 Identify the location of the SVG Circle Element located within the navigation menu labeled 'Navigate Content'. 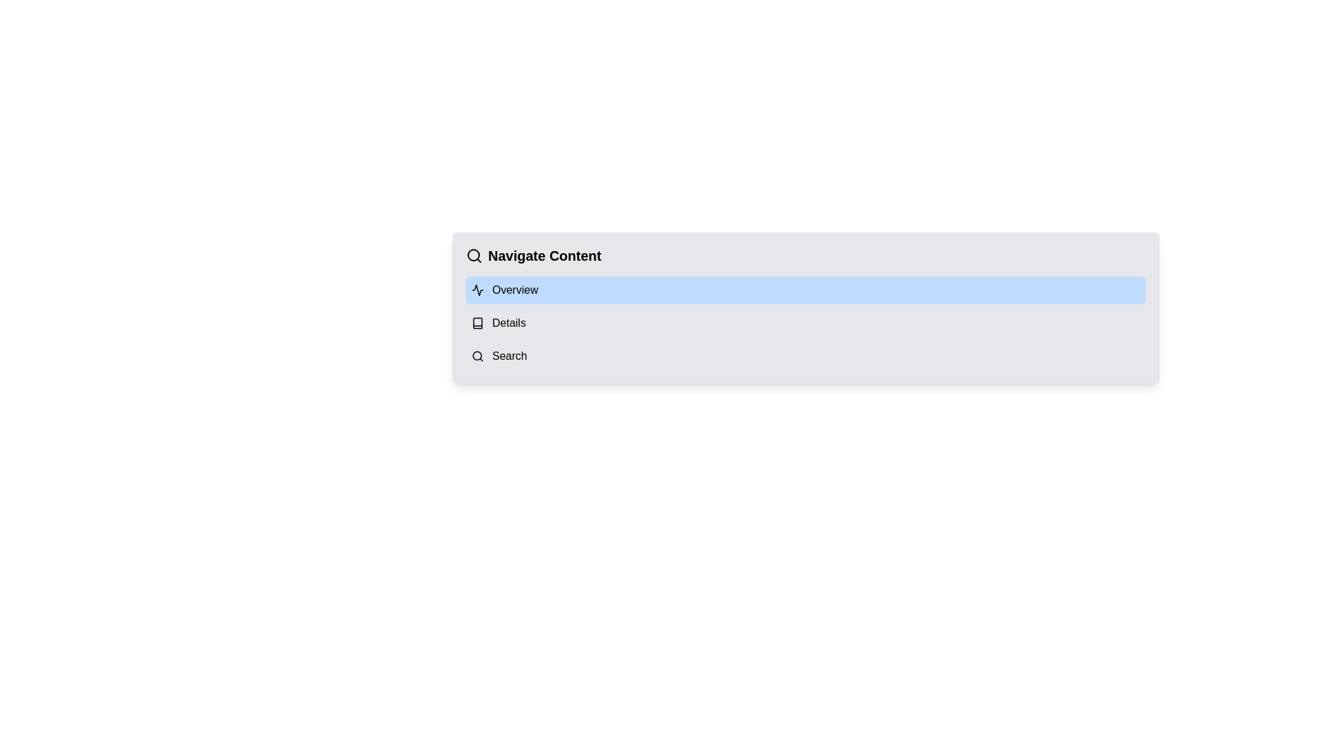
(473, 255).